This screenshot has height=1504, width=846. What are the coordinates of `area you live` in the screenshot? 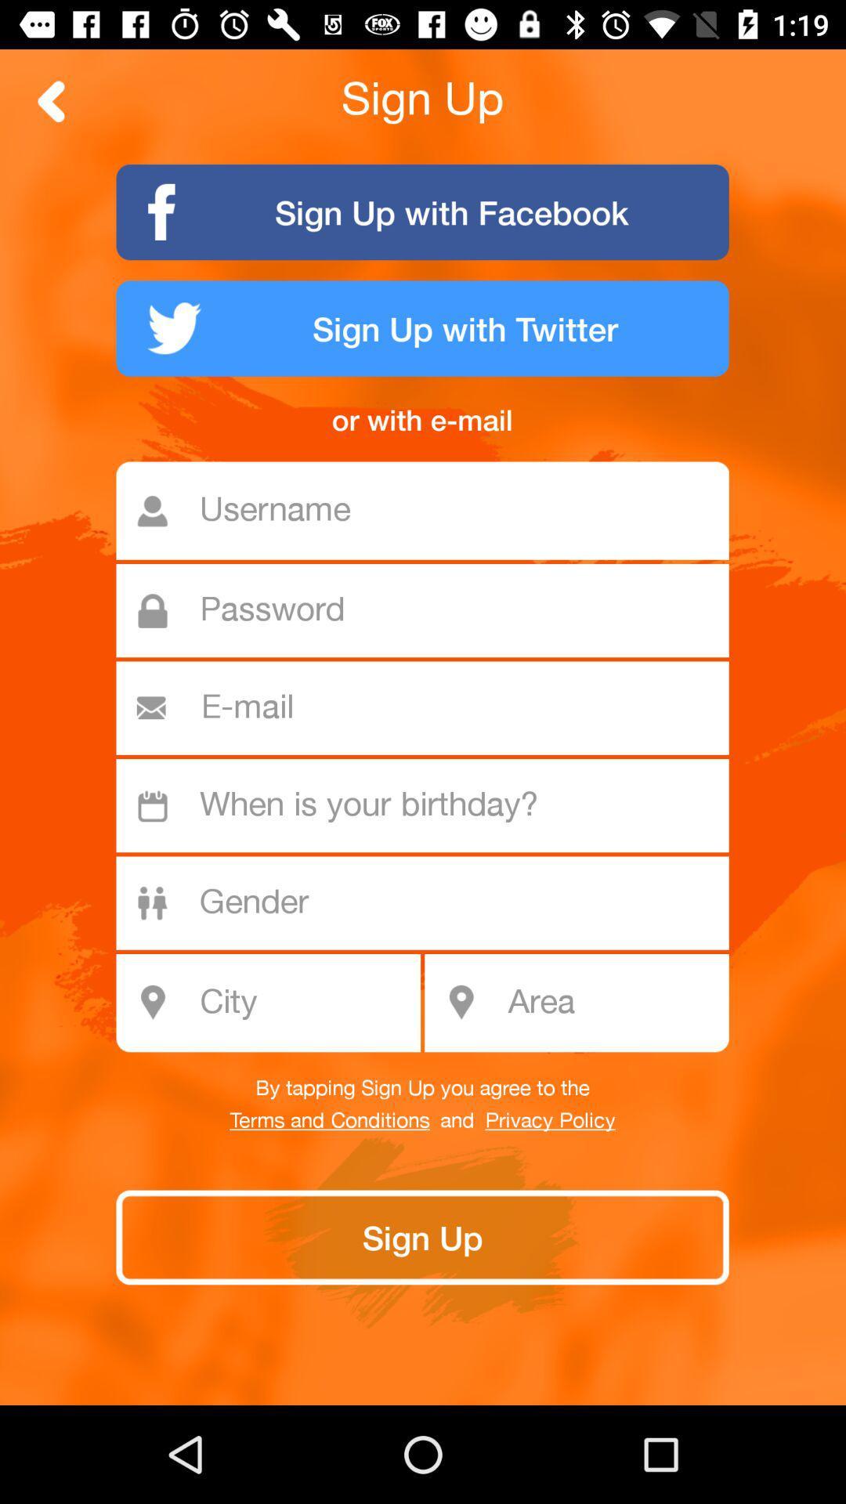 It's located at (613, 1003).